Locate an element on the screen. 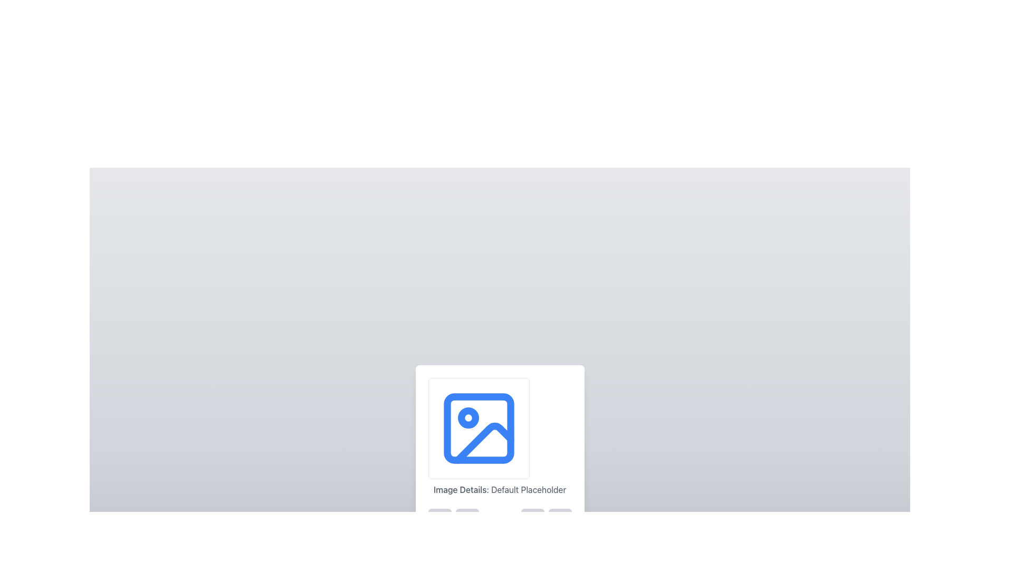  the zoom-out button with a gray background and a magnifying glass with a minus symbol is located at coordinates (466, 518).